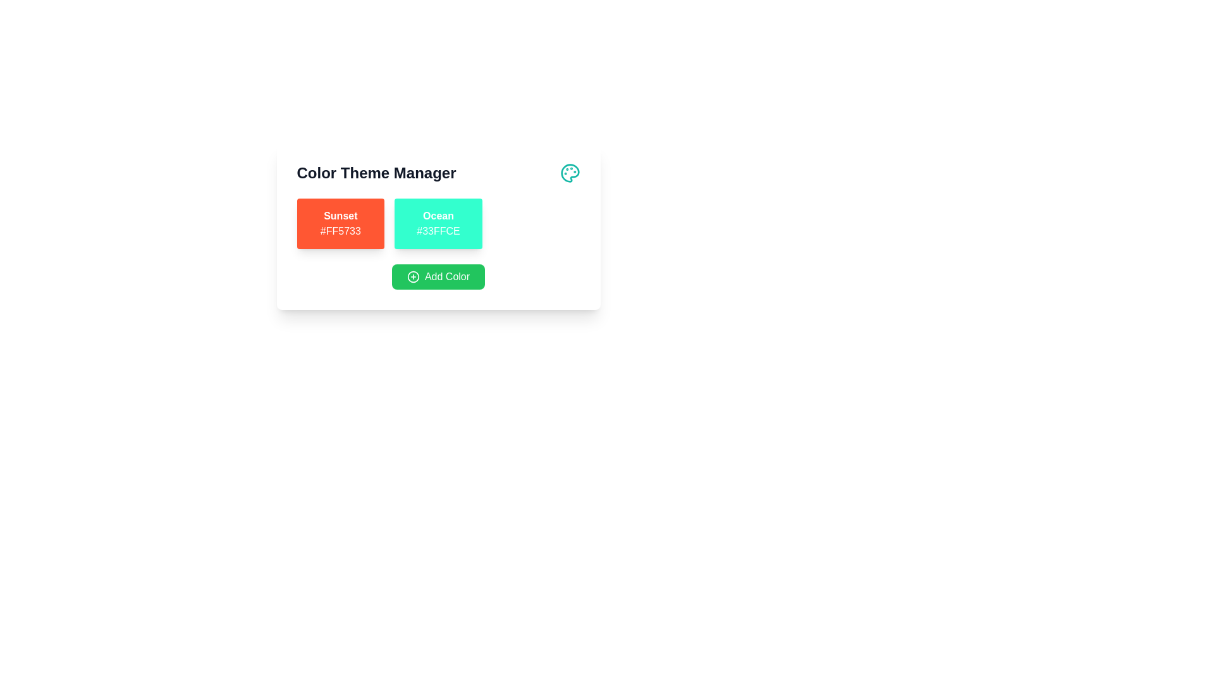 This screenshot has height=683, width=1214. What do you see at coordinates (569, 173) in the screenshot?
I see `the decorative SVG graphic element located at the top-right corner of the 'Color Theme Manager' card, which represents the larger background shape of the painter's palette` at bounding box center [569, 173].